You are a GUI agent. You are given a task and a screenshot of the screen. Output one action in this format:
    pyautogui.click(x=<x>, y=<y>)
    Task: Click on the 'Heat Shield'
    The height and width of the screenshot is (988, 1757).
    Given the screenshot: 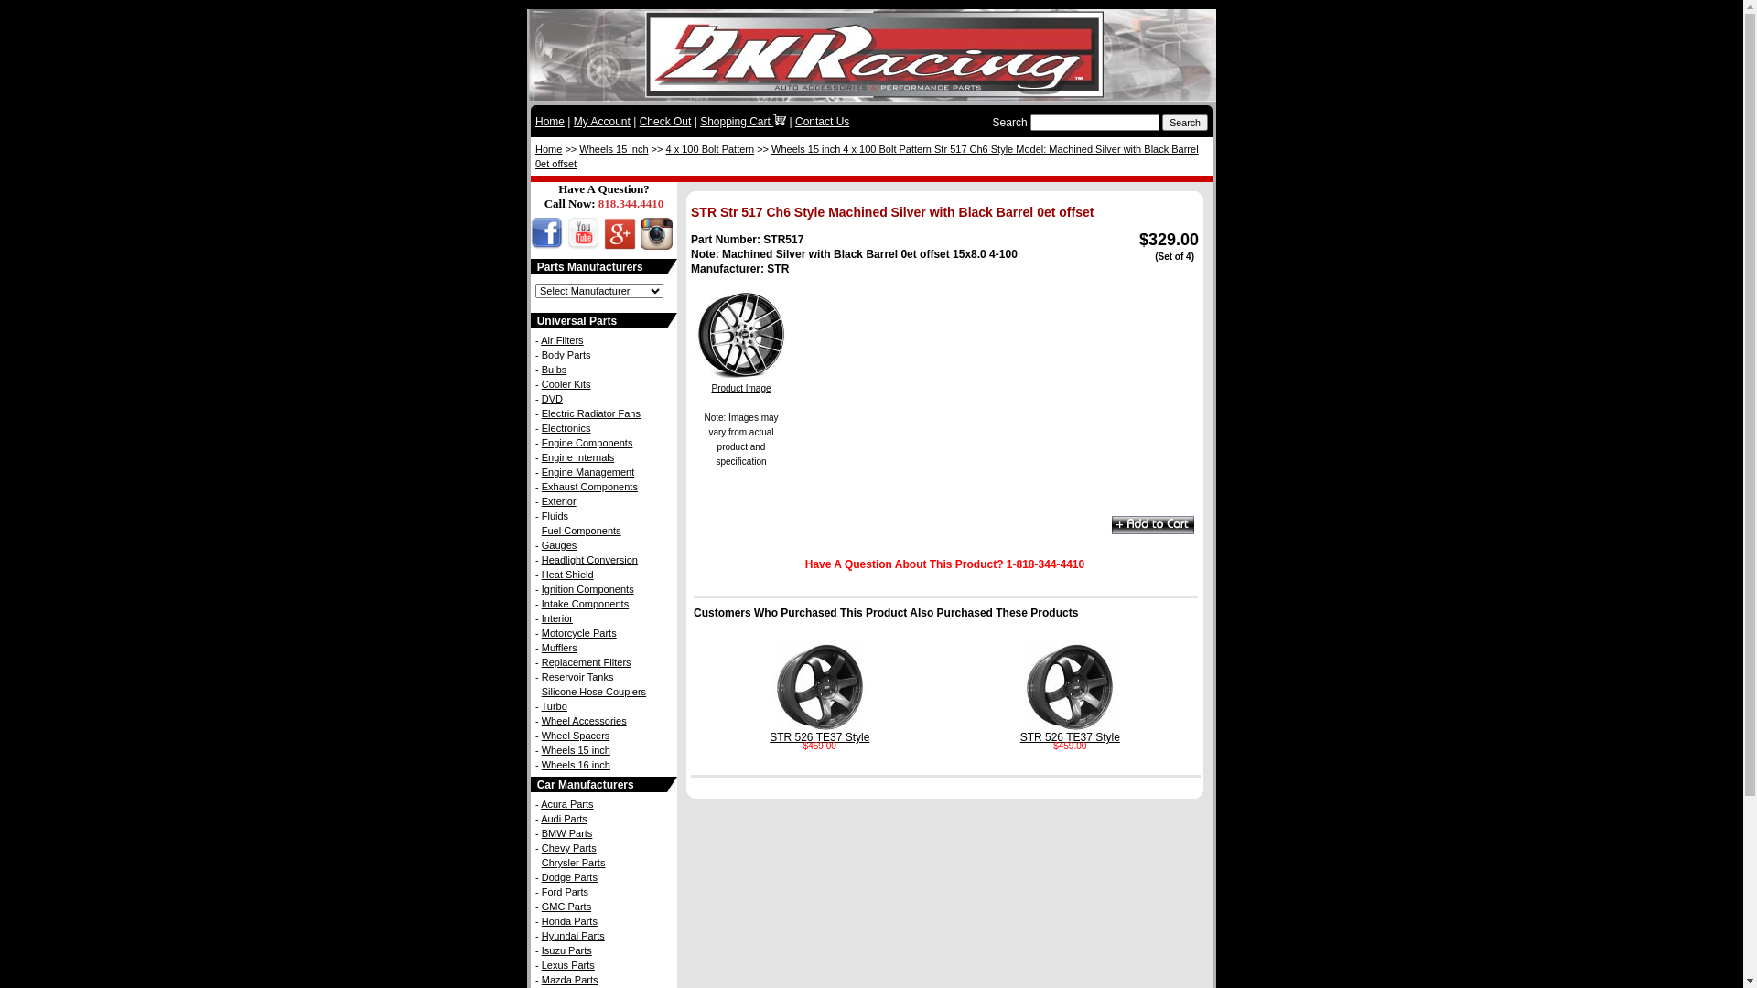 What is the action you would take?
    pyautogui.click(x=566, y=574)
    